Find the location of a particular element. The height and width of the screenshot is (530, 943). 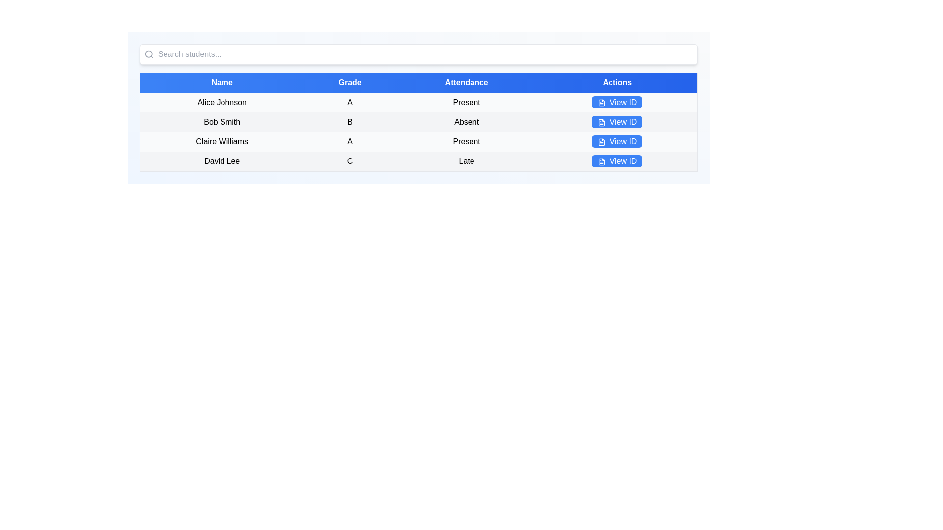

the blue 'View ID' button with a document file icon located in the fourth column under 'Actions' for 'Claire Williams' is located at coordinates (617, 142).